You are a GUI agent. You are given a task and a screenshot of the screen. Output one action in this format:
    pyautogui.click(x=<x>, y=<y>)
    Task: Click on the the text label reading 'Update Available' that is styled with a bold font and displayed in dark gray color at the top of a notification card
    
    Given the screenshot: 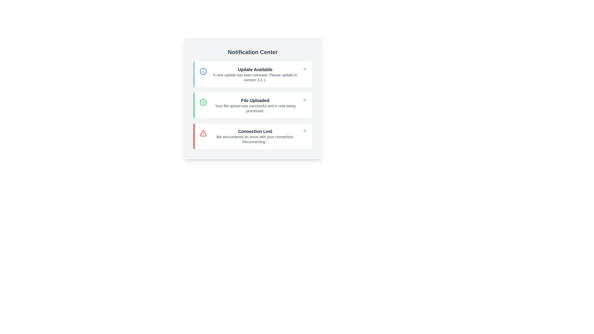 What is the action you would take?
    pyautogui.click(x=255, y=69)
    